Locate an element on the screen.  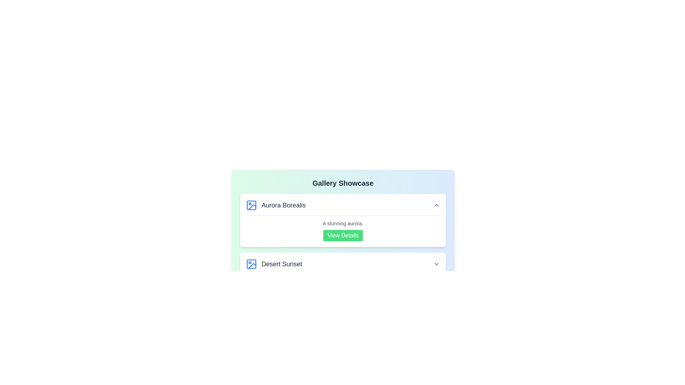
the gallery item Desert Sunset to observe its hover effect is located at coordinates (343, 264).